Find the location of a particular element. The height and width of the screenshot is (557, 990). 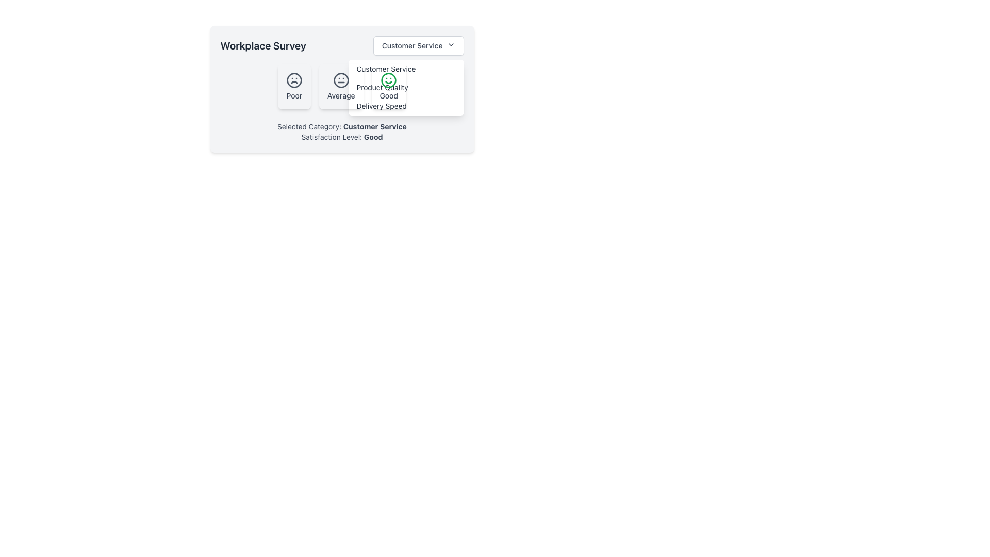

the 'Delivery Speed' option in the dropdown menu, which is the third option below 'Product Quality' and 'Customer Service' is located at coordinates (405, 106).